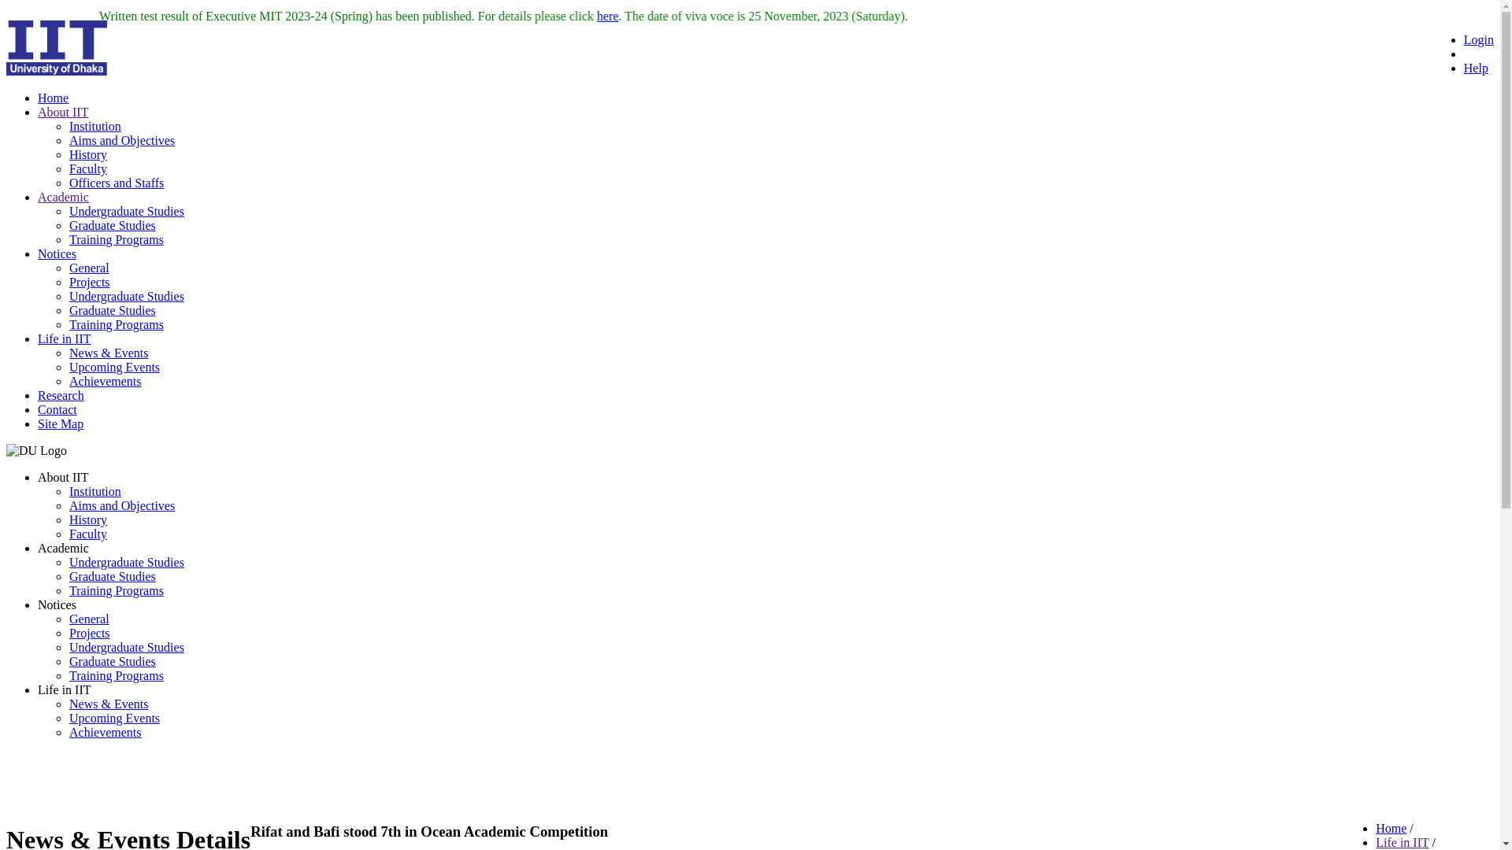  Describe the element at coordinates (127, 647) in the screenshot. I see `'Undergraduate Studies'` at that location.